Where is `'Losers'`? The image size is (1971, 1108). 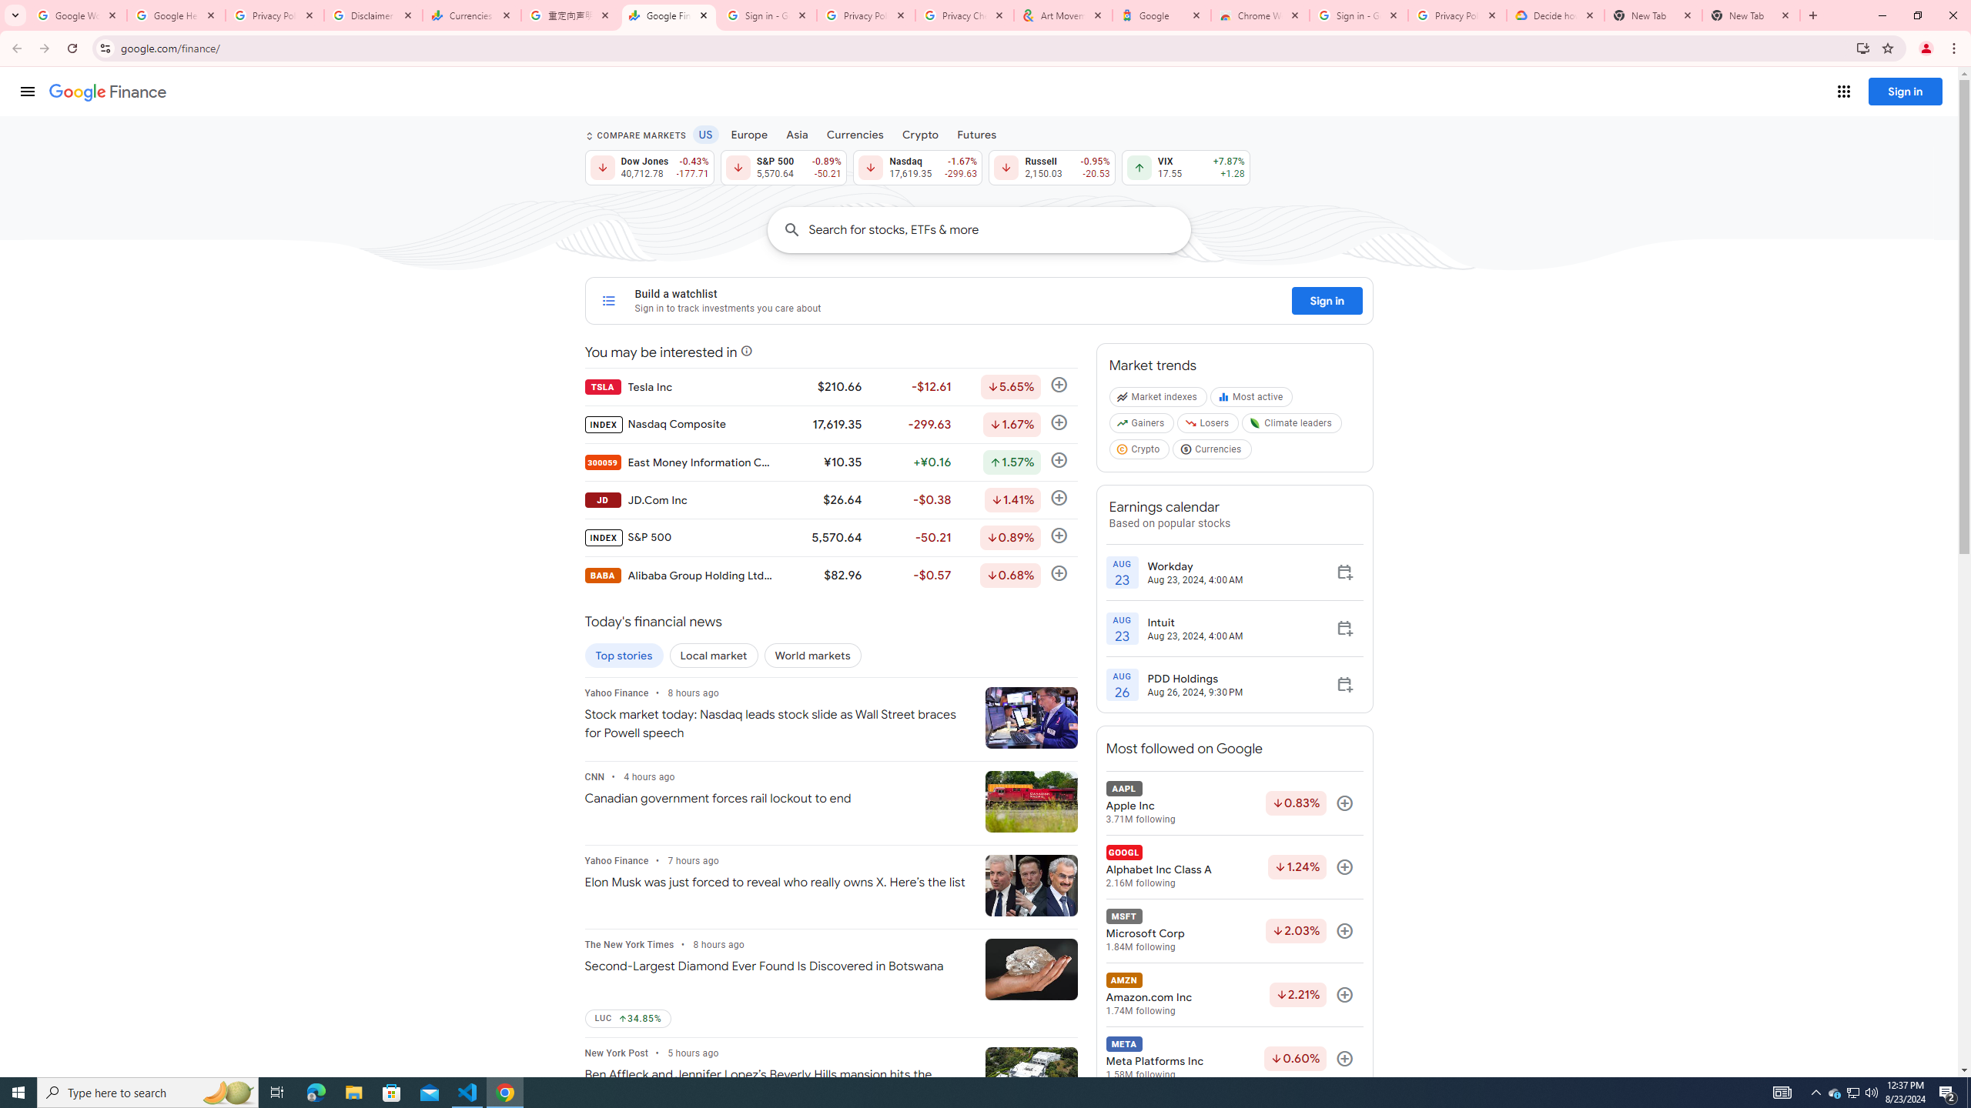
'Losers' is located at coordinates (1208, 426).